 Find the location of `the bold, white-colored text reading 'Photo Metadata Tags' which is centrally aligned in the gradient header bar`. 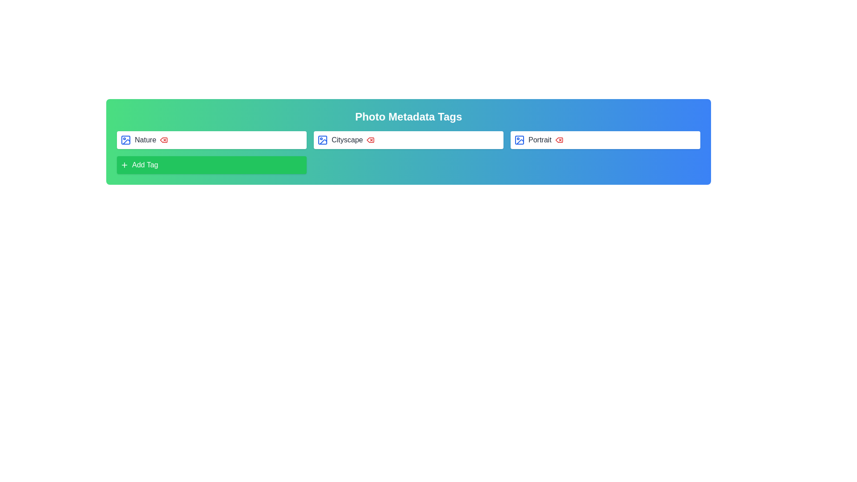

the bold, white-colored text reading 'Photo Metadata Tags' which is centrally aligned in the gradient header bar is located at coordinates (408, 116).